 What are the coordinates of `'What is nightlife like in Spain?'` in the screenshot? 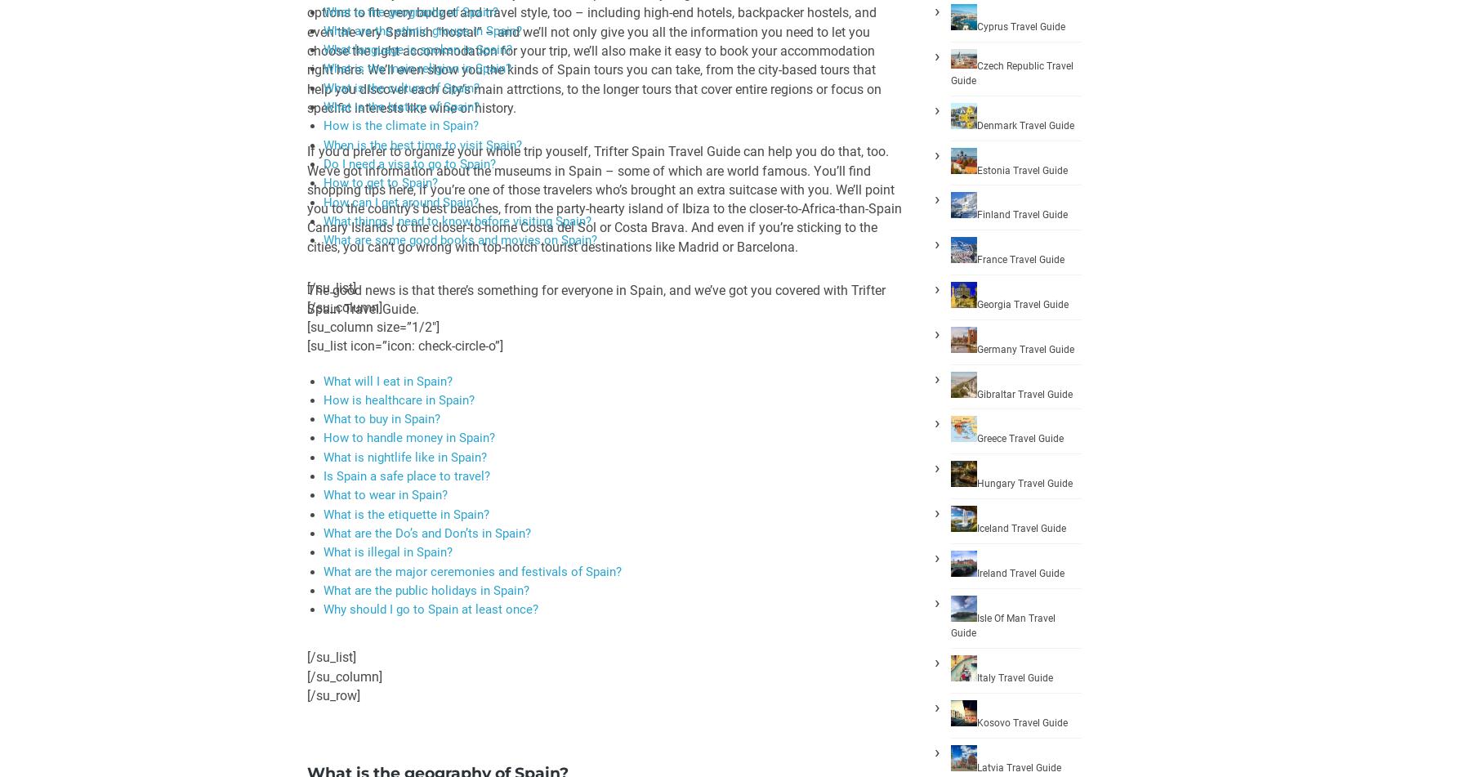 It's located at (405, 455).